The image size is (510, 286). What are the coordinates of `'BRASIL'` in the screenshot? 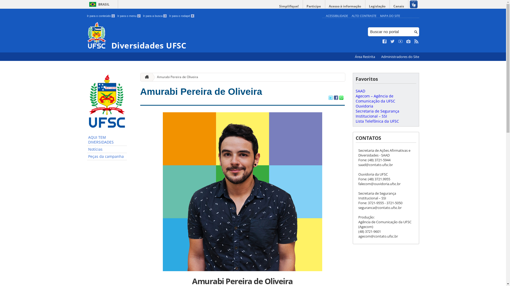 It's located at (98, 4).